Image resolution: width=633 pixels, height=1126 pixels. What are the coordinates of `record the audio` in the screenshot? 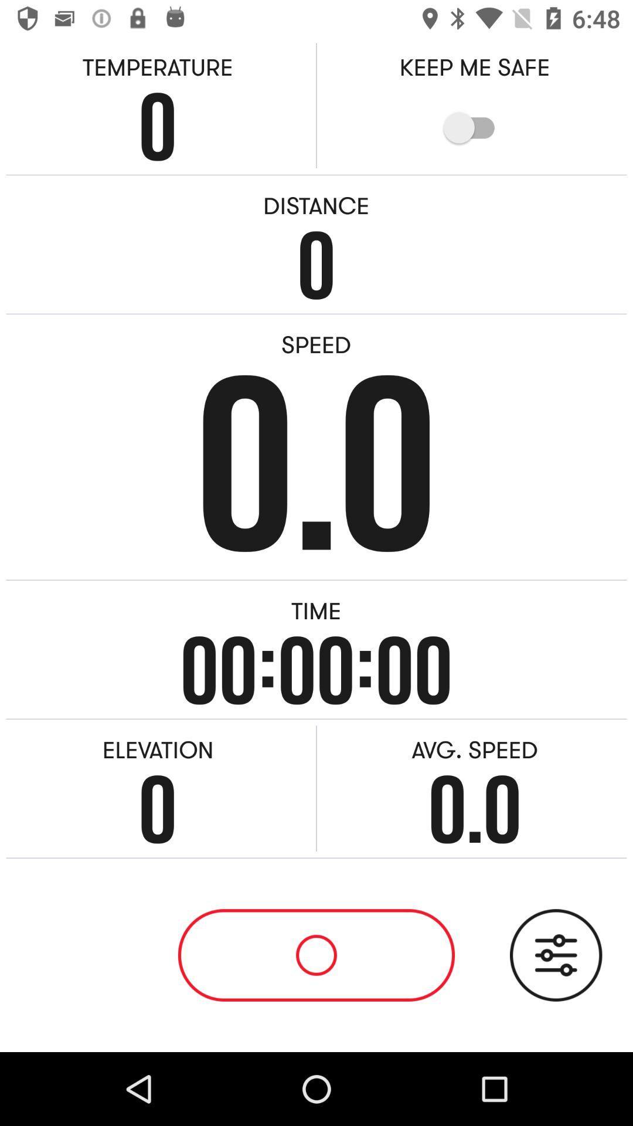 It's located at (555, 955).